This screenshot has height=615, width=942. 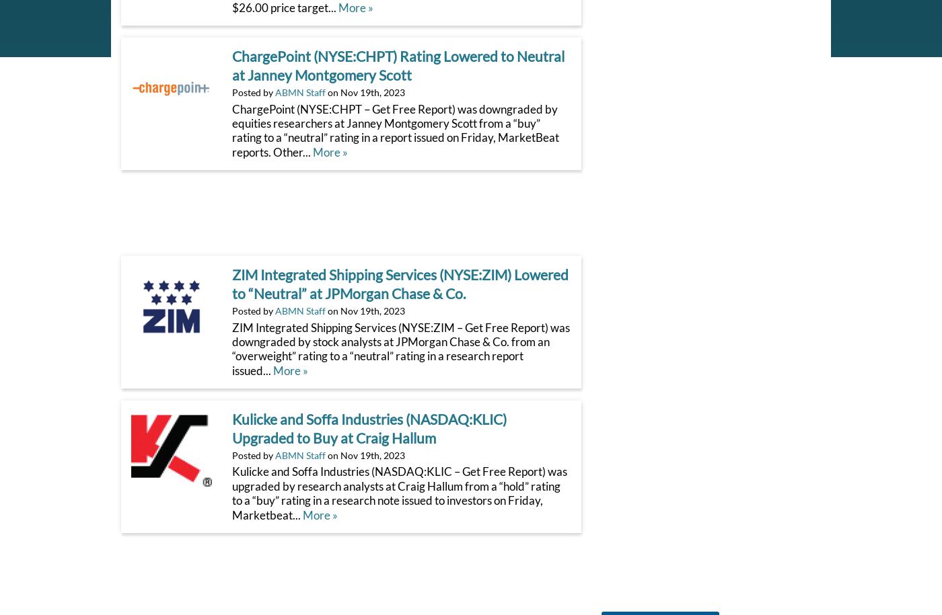 I want to click on 'ZIM Integrated Shipping Services (NYSE:ZIM – Get Free Report) was downgraded by stock analysts at JPMorgan Chase & Co. from an “overweight” rating to a “neutral” rating in a research report issued...', so click(x=400, y=348).